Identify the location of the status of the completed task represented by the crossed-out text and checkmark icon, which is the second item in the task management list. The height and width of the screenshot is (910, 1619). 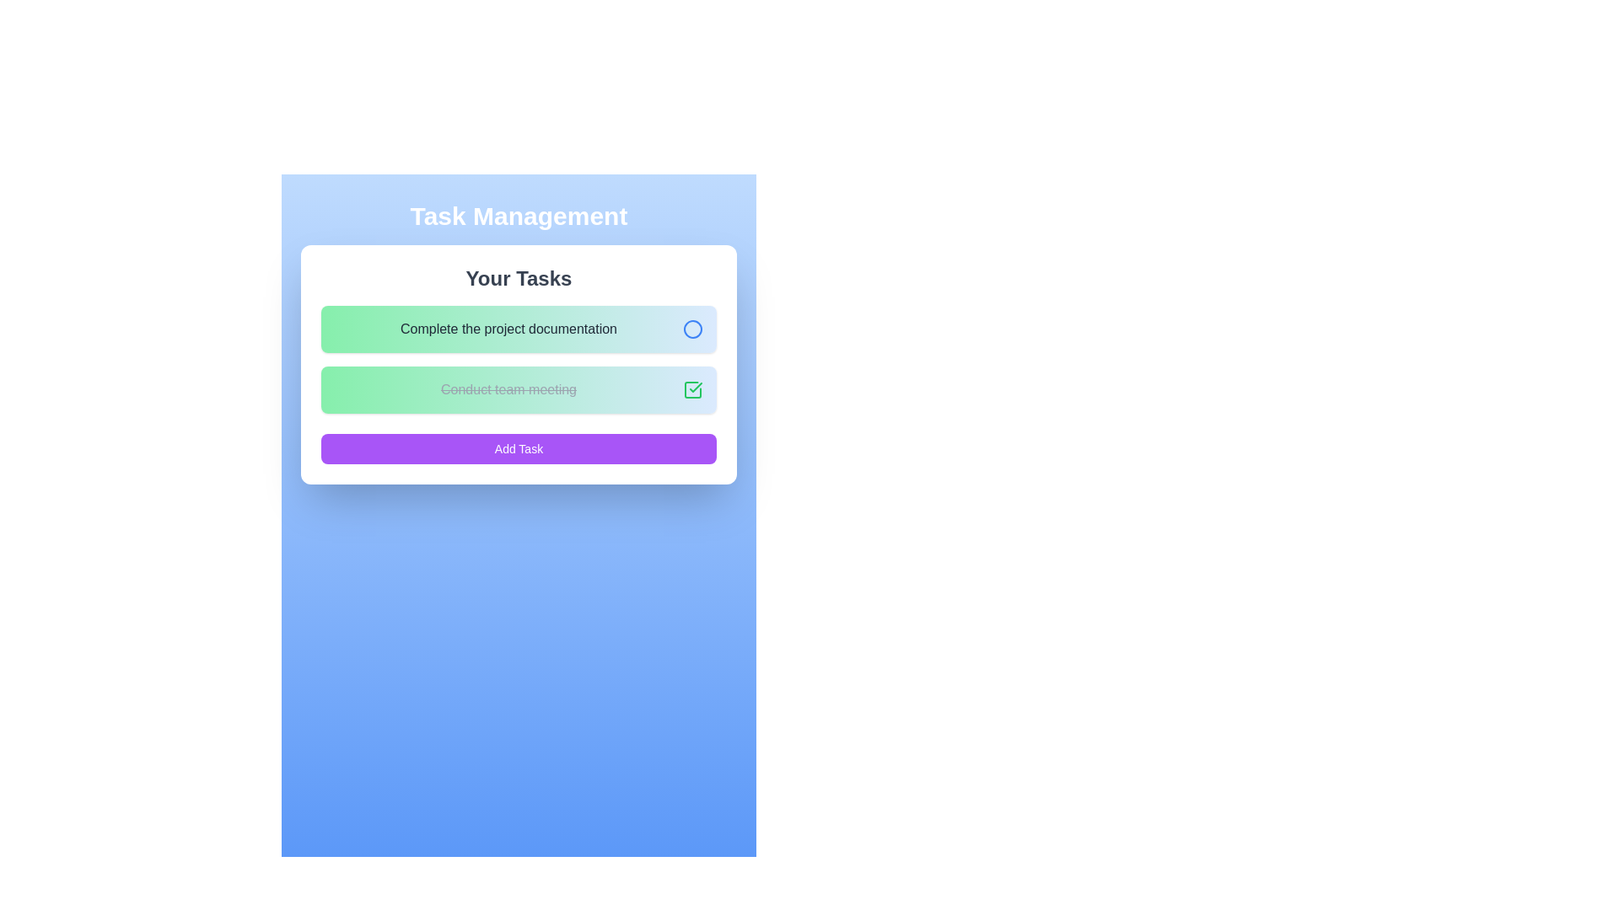
(518, 389).